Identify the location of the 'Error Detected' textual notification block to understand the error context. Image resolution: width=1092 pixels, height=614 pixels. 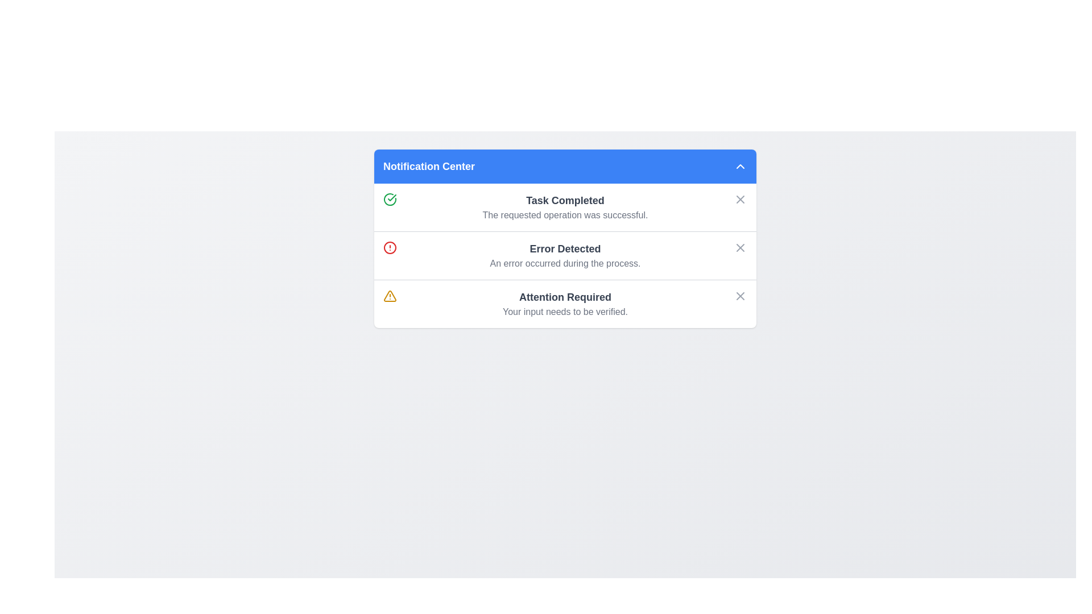
(565, 256).